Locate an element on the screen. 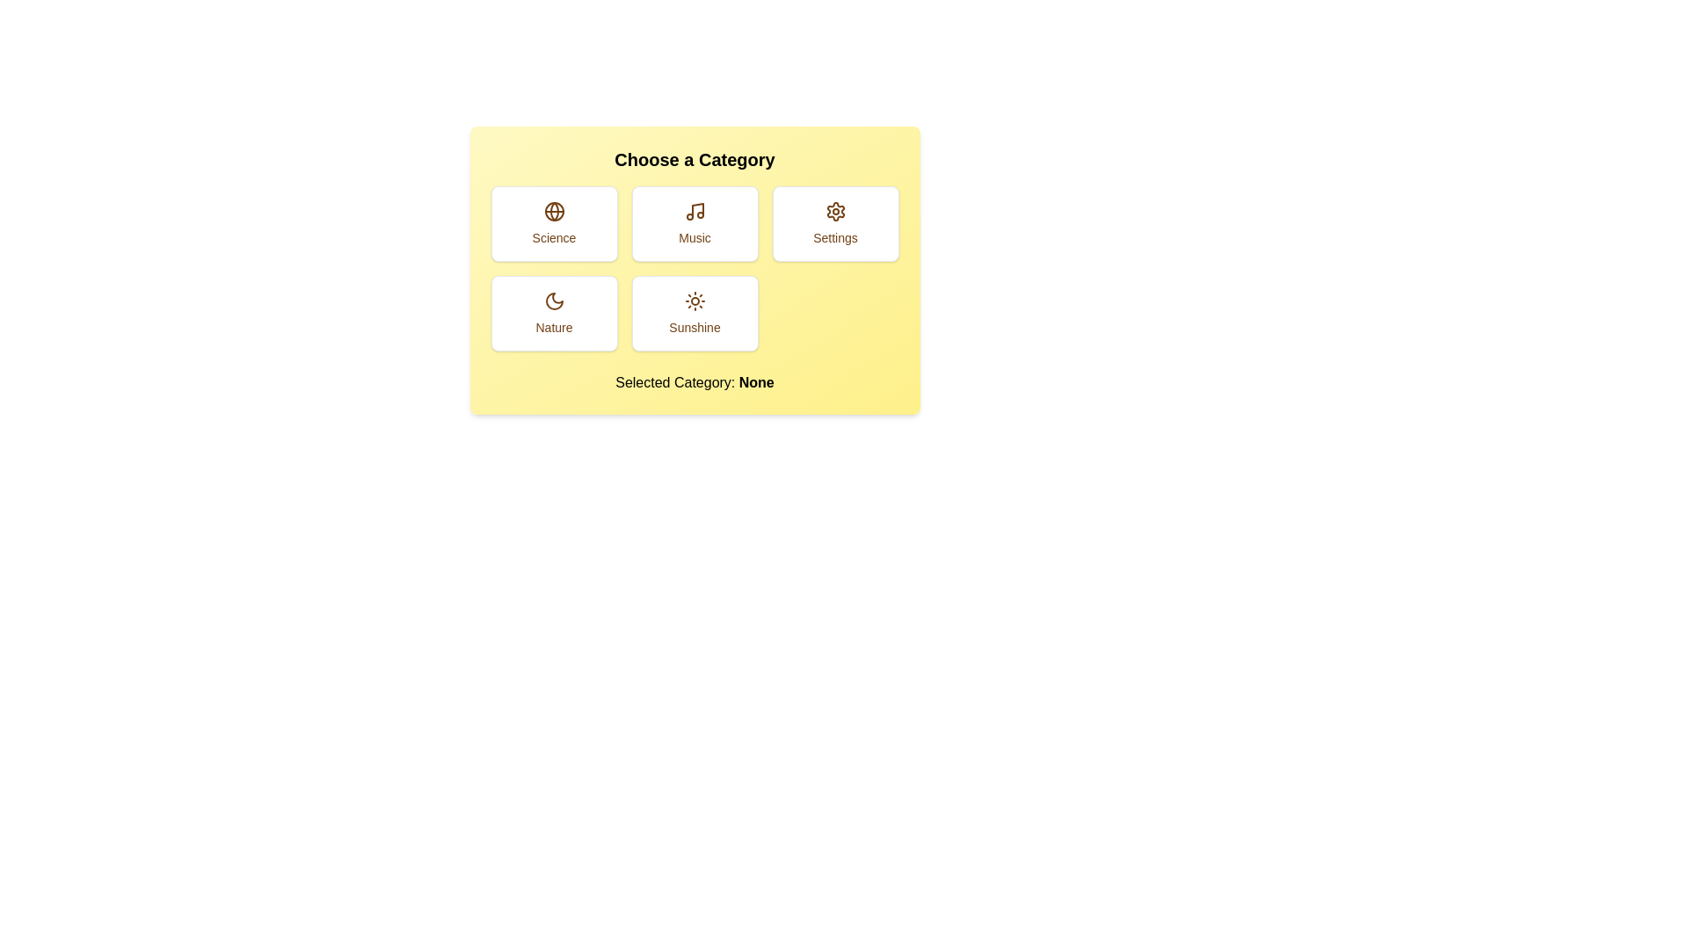 This screenshot has width=1688, height=949. the cogwheel icon located in the 'Settings' button, which is the third button in the top row of a grid titled 'Choose a Category' is located at coordinates (834, 210).